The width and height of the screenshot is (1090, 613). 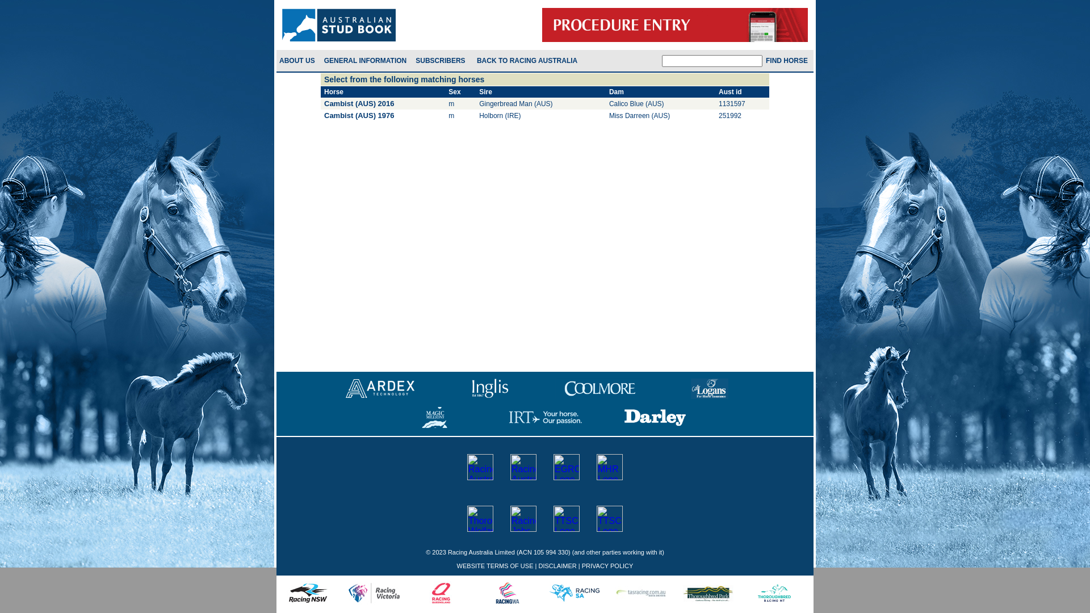 What do you see at coordinates (324, 103) in the screenshot?
I see `'Cambist (AUS) 2016'` at bounding box center [324, 103].